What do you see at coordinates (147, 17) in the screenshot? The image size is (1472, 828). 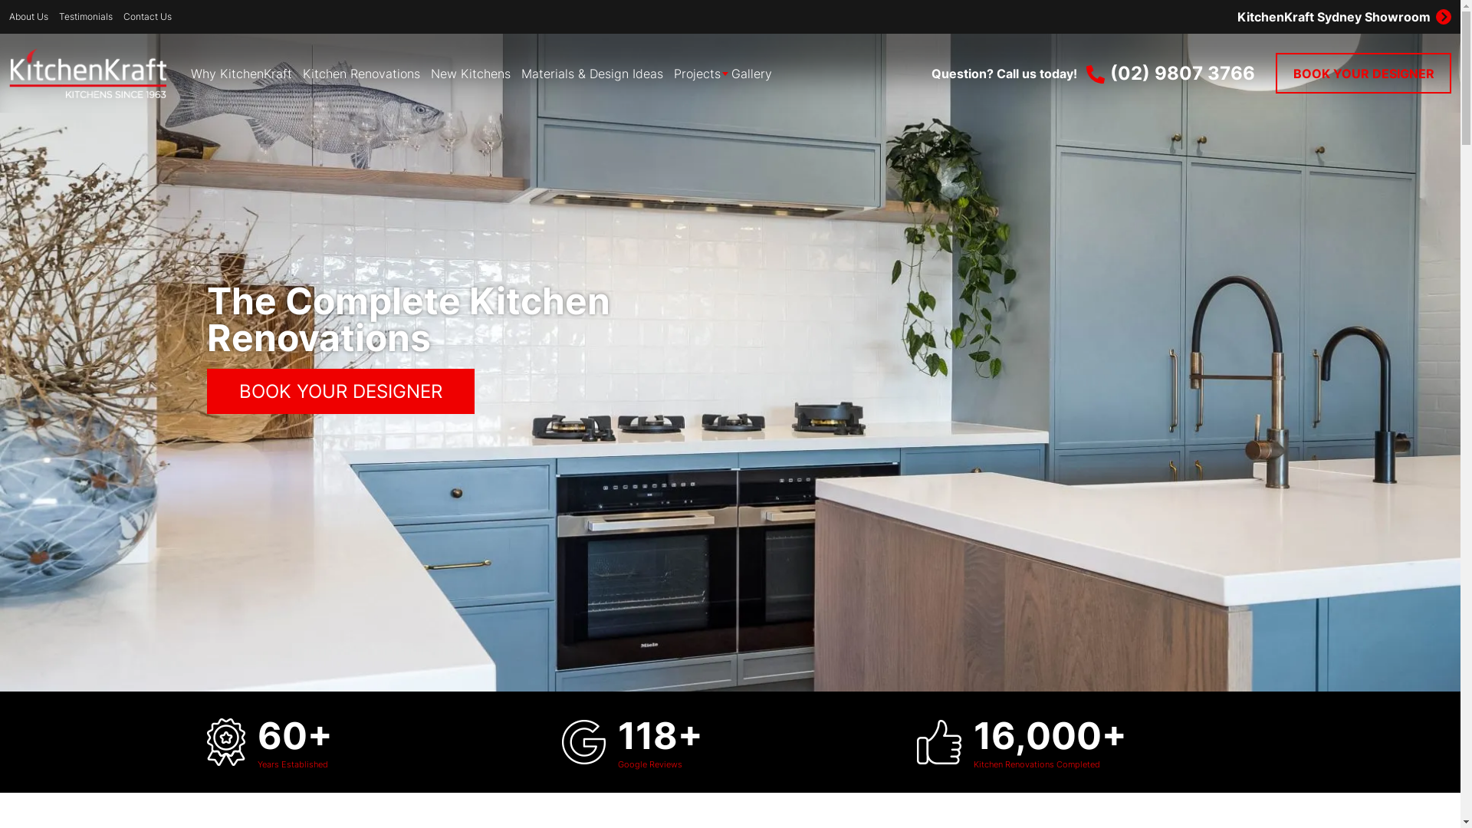 I see `'Contact Us'` at bounding box center [147, 17].